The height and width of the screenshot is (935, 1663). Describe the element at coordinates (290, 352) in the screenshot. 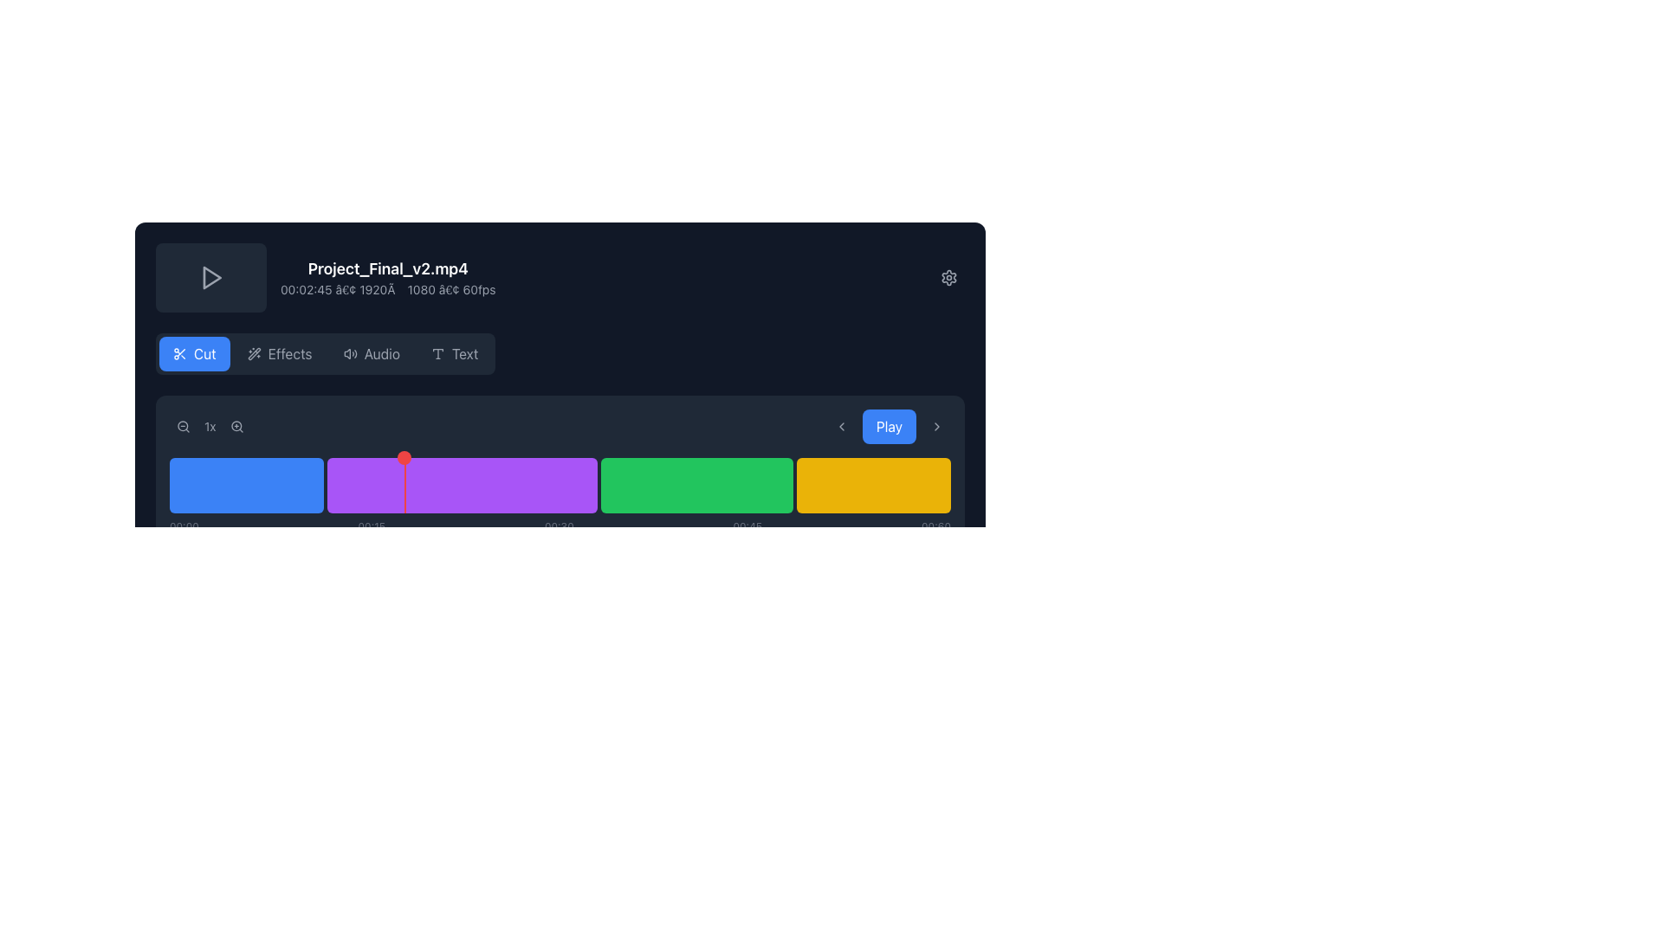

I see `the 'Effects' button located in the horizontal bar at the top of the interface, which is the second option from the left` at that location.